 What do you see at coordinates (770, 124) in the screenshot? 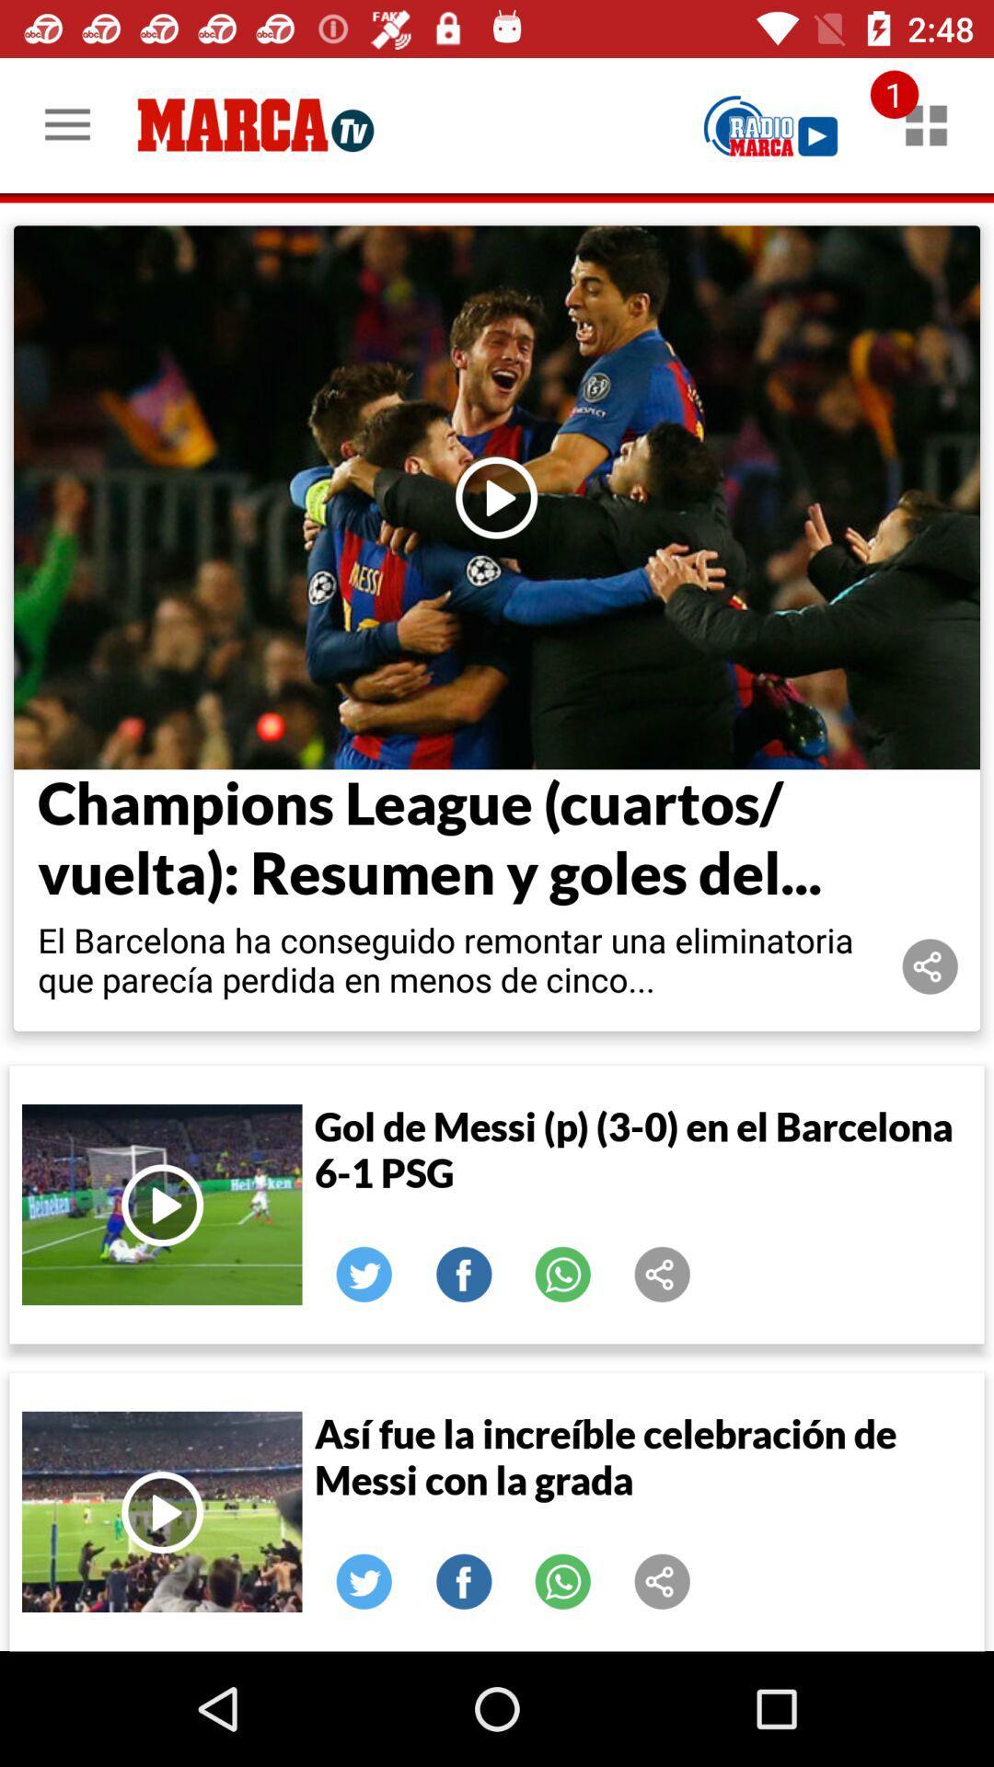
I see `radio` at bounding box center [770, 124].